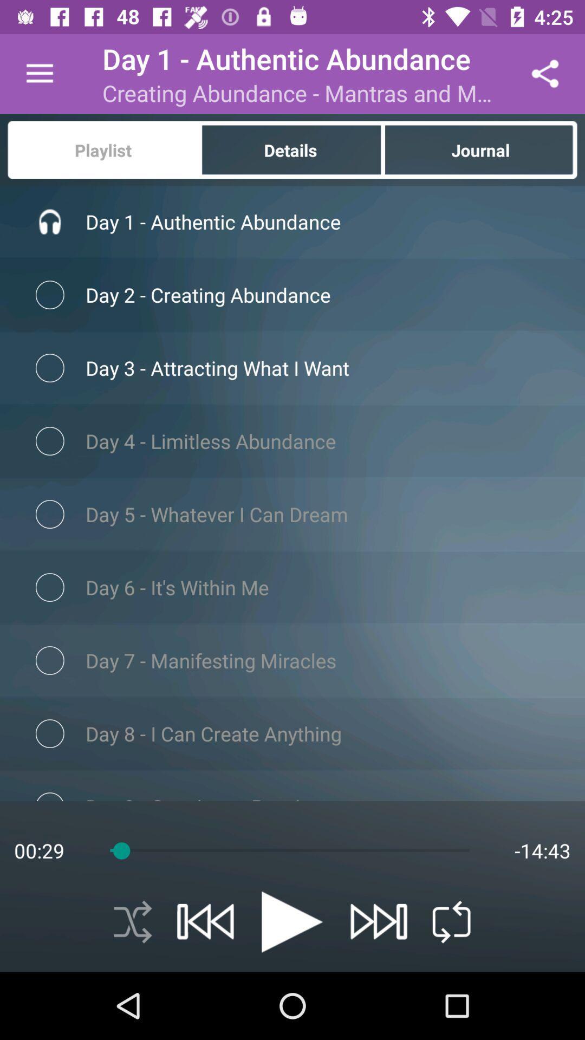  What do you see at coordinates (480, 149) in the screenshot?
I see `the icon to the right of the details` at bounding box center [480, 149].